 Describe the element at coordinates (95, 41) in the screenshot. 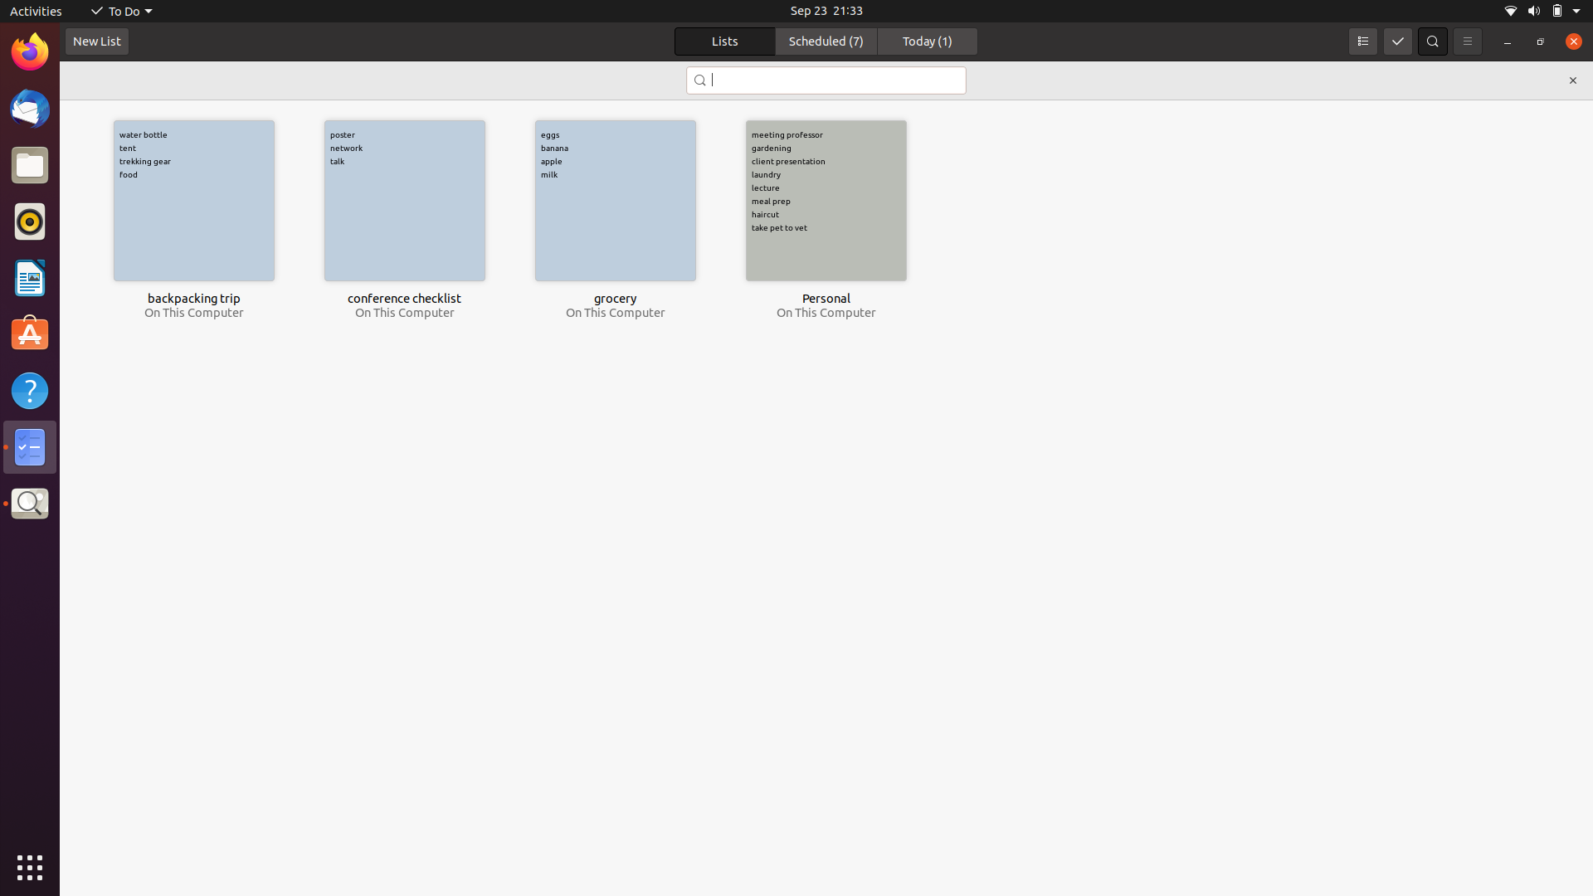

I see `the creation of a novel list` at that location.